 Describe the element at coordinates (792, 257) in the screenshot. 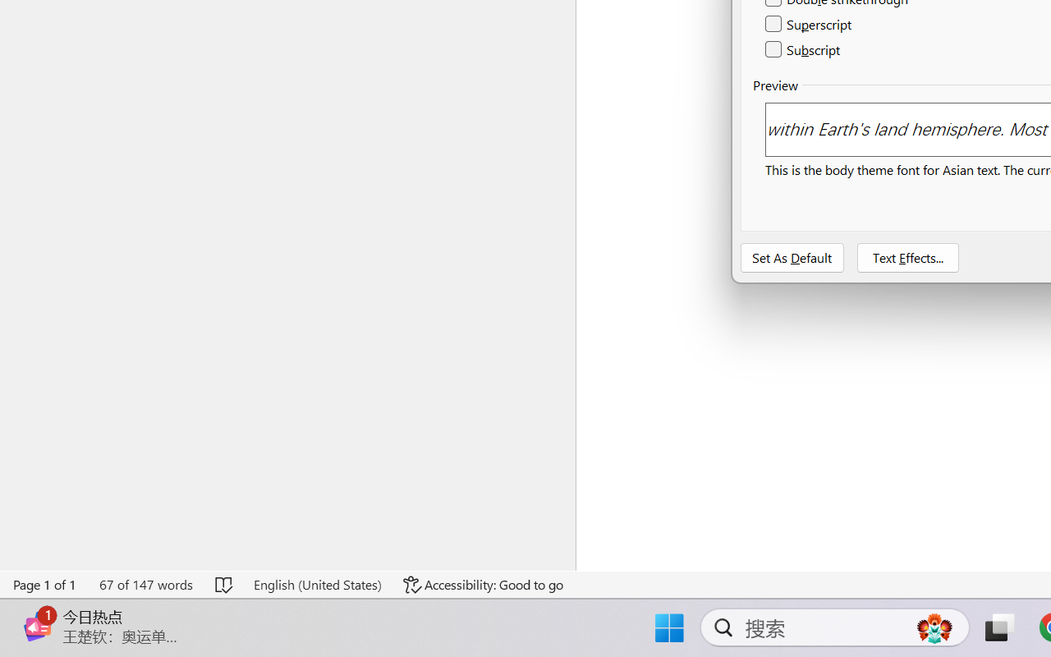

I see `'Set As Default'` at that location.